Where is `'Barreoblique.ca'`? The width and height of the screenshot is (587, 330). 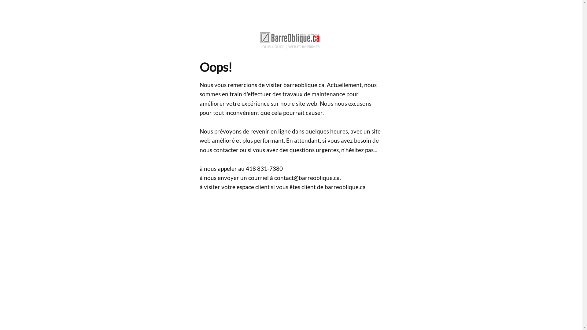
'Barreoblique.ca' is located at coordinates (291, 39).